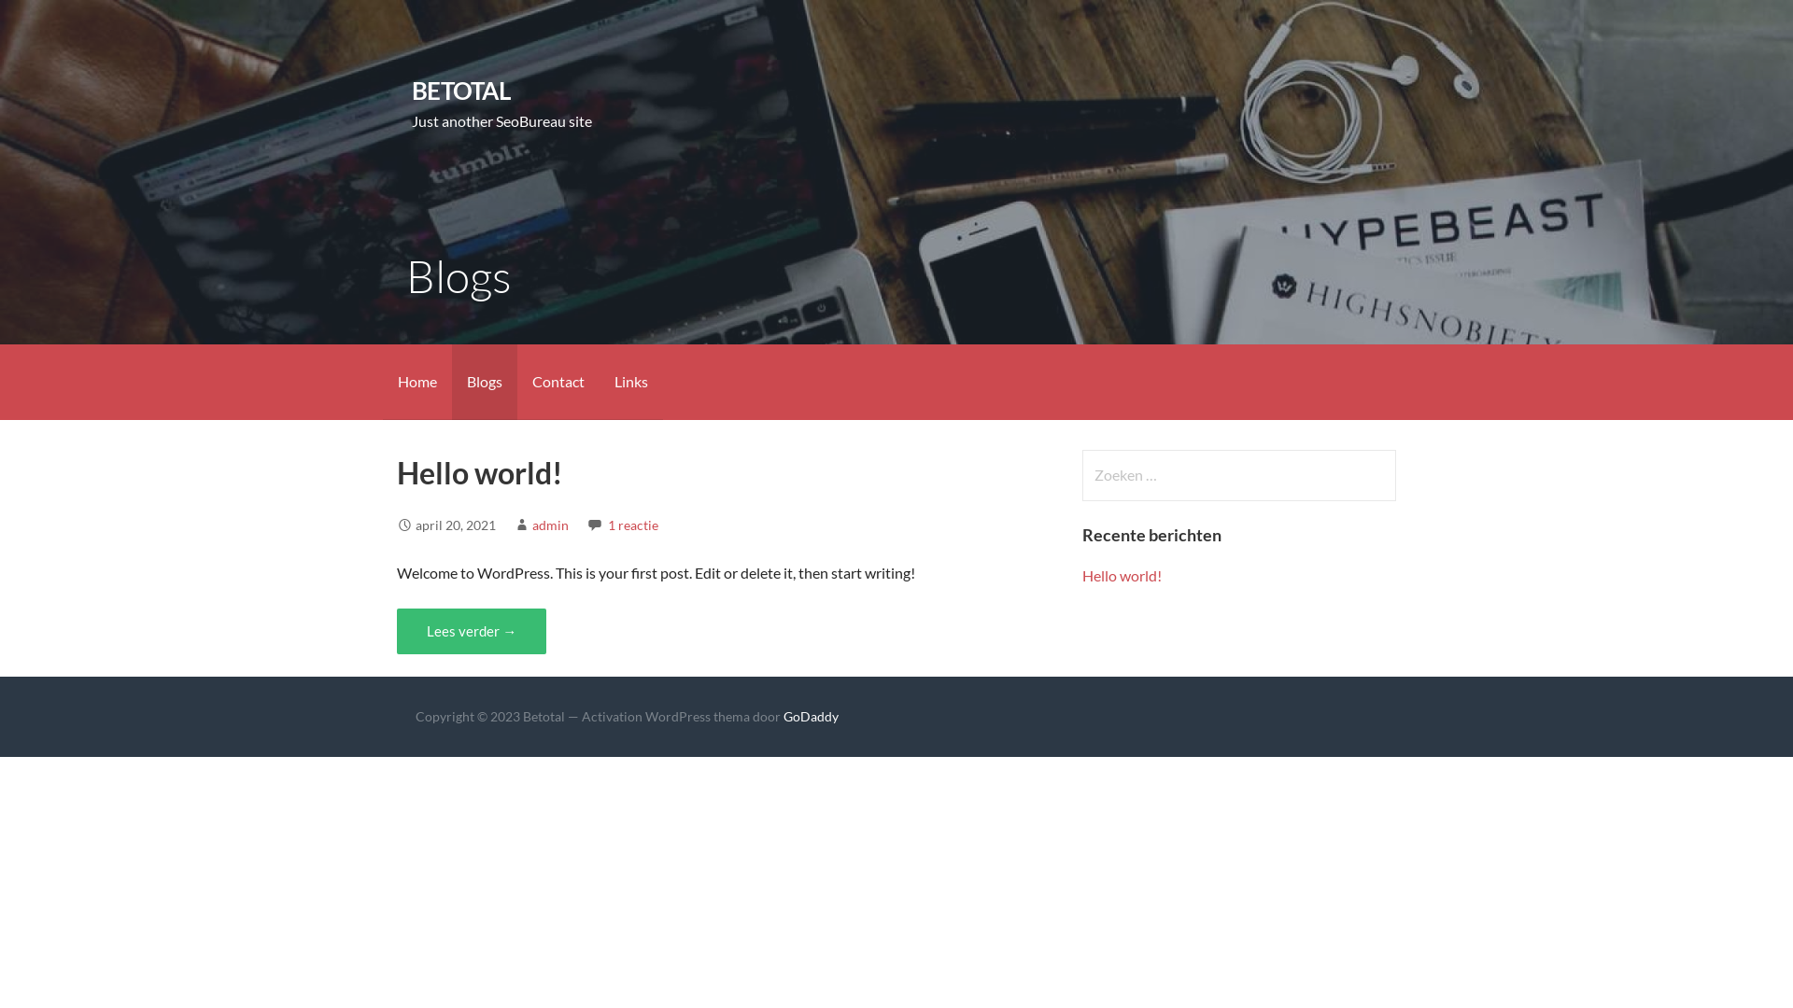  Describe the element at coordinates (549, 525) in the screenshot. I see `'admin'` at that location.